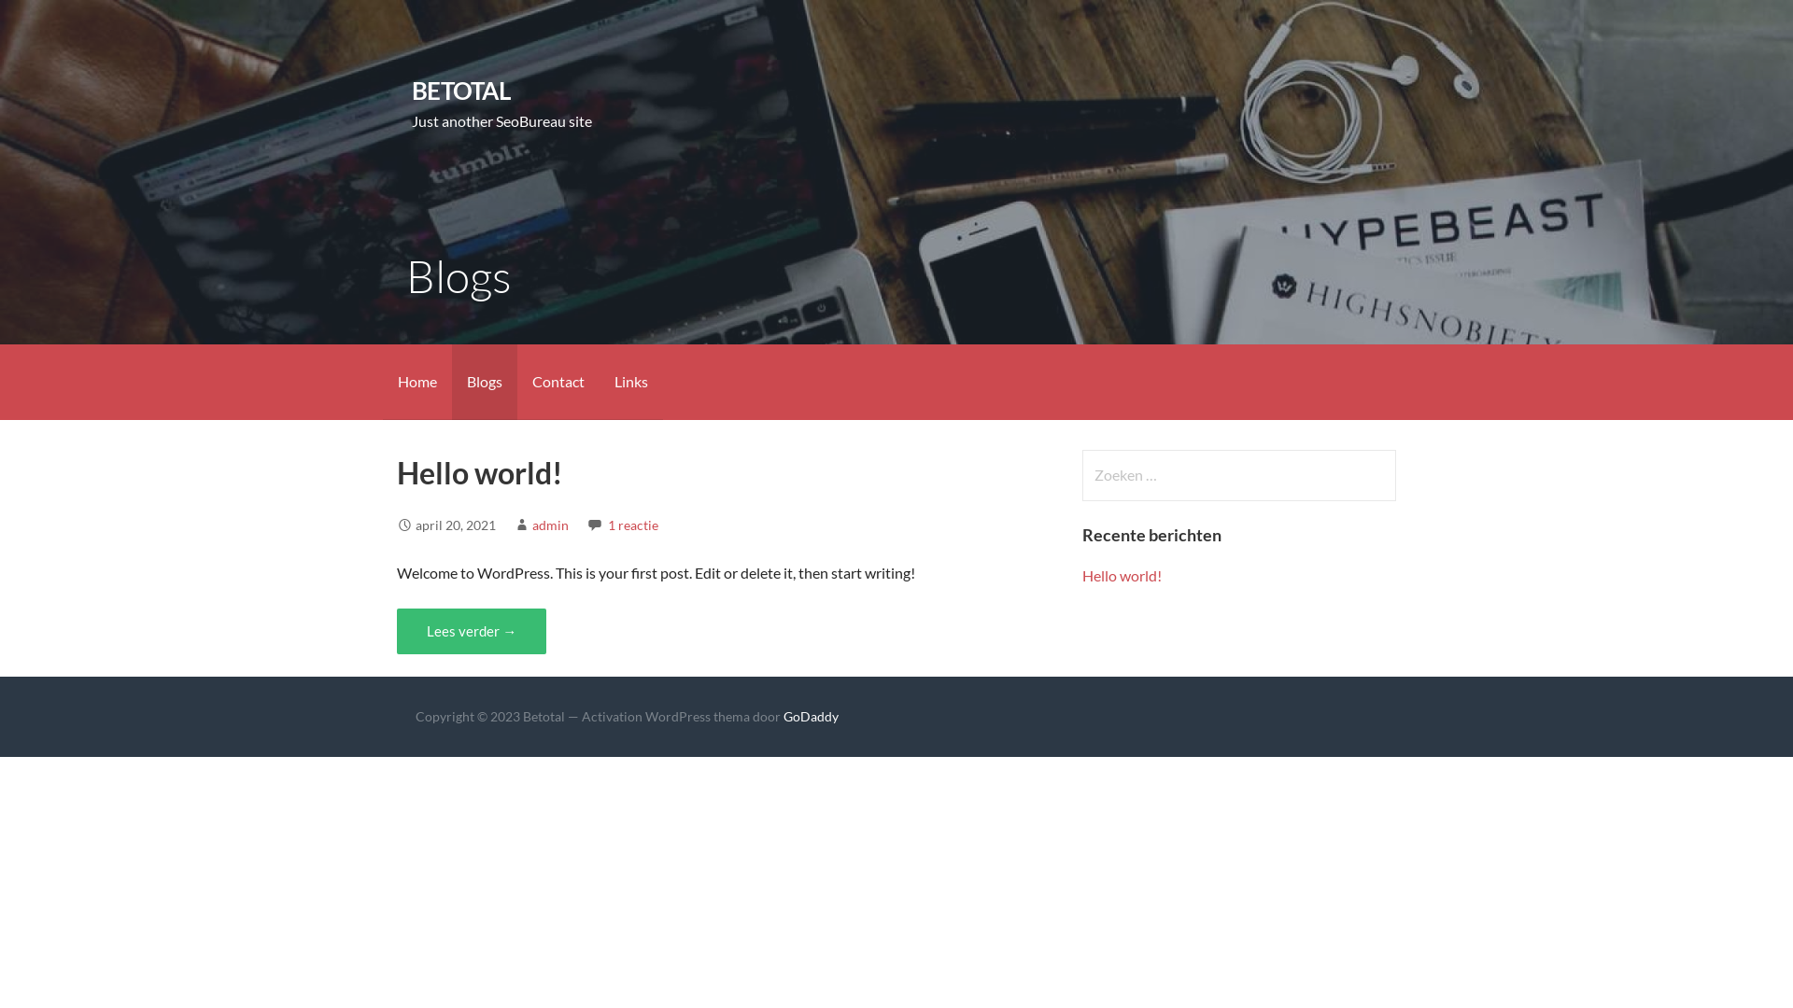  Describe the element at coordinates (549, 525) in the screenshot. I see `'admin'` at that location.